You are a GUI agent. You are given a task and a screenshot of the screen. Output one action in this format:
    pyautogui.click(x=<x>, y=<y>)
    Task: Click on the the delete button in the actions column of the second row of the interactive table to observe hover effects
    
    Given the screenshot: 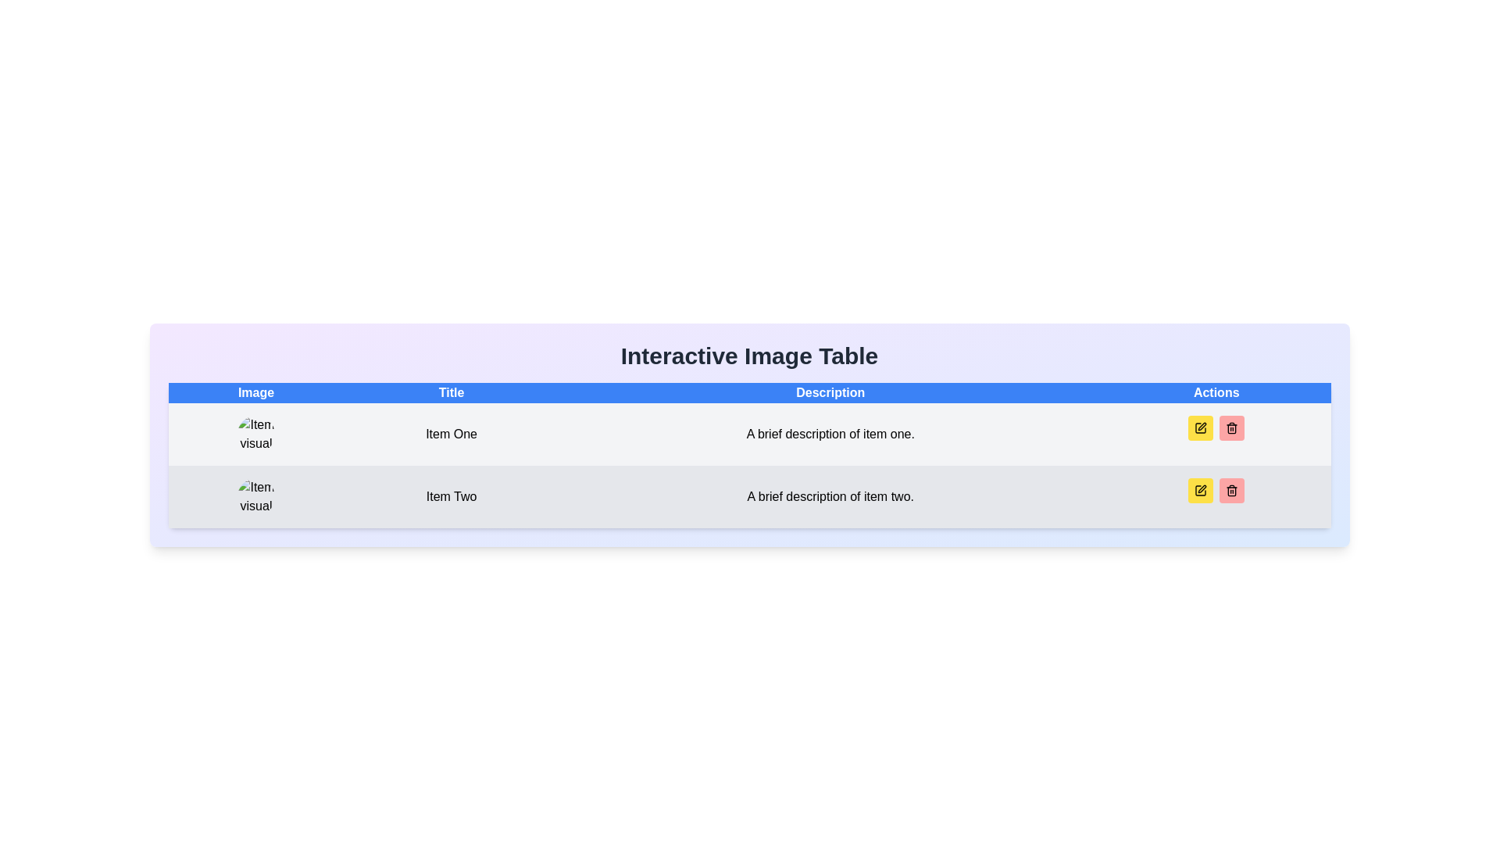 What is the action you would take?
    pyautogui.click(x=1231, y=427)
    